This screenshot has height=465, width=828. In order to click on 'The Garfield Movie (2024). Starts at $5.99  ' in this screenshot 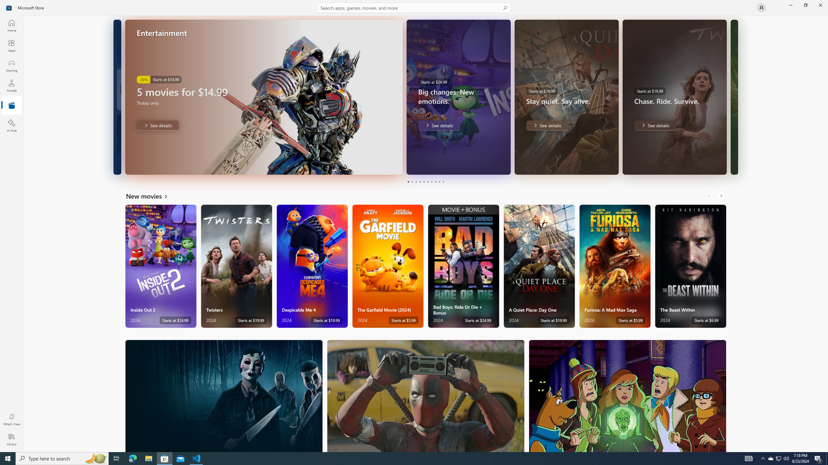, I will do `click(387, 266)`.